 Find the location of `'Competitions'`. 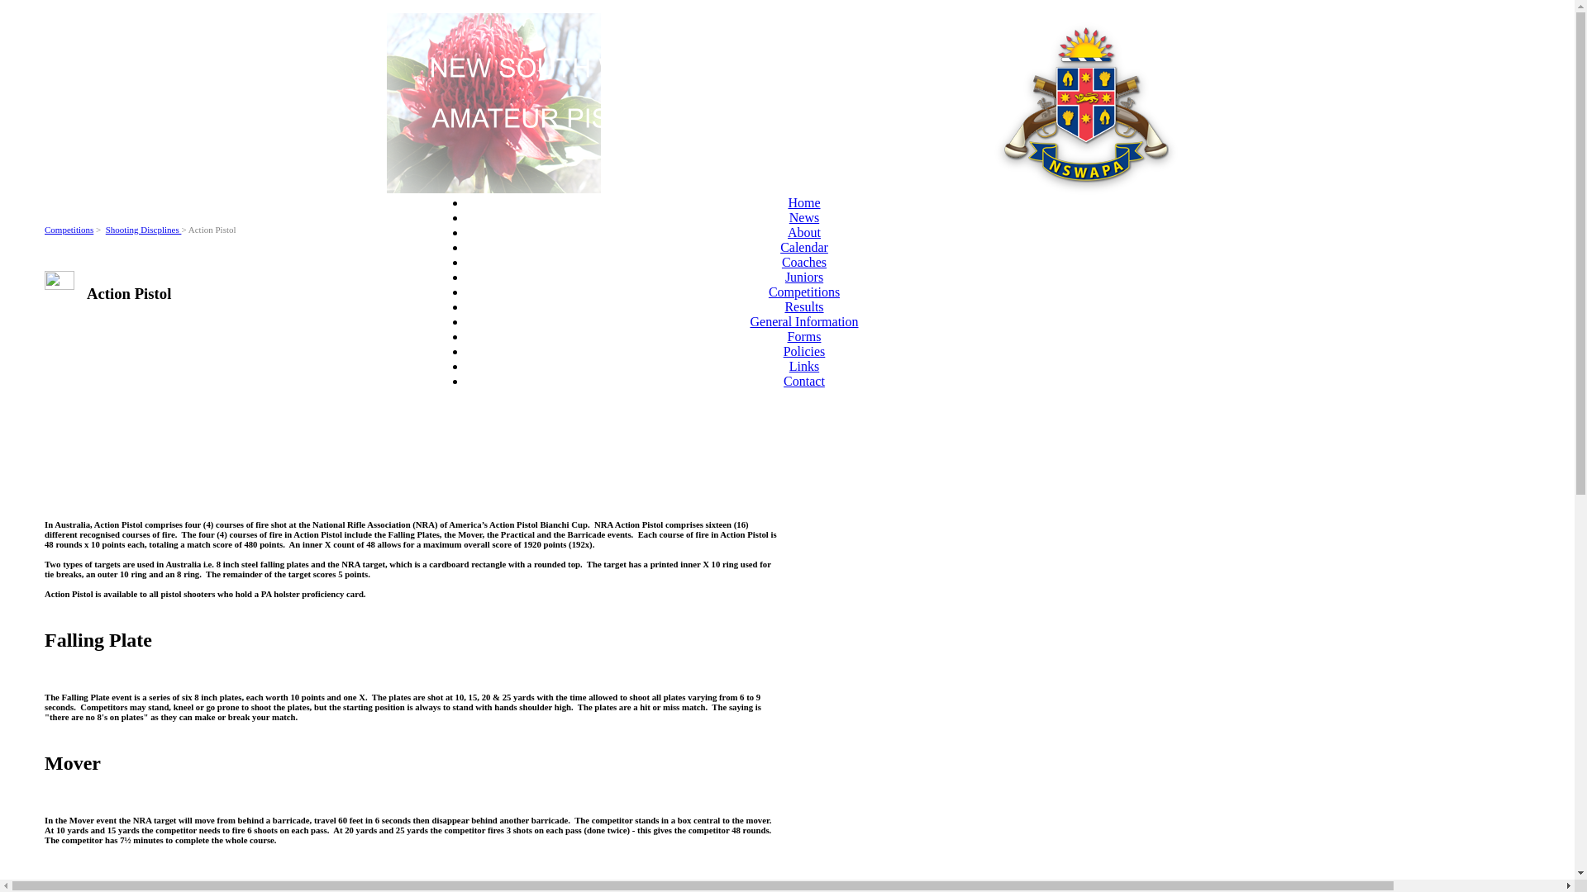

'Competitions' is located at coordinates (68, 229).